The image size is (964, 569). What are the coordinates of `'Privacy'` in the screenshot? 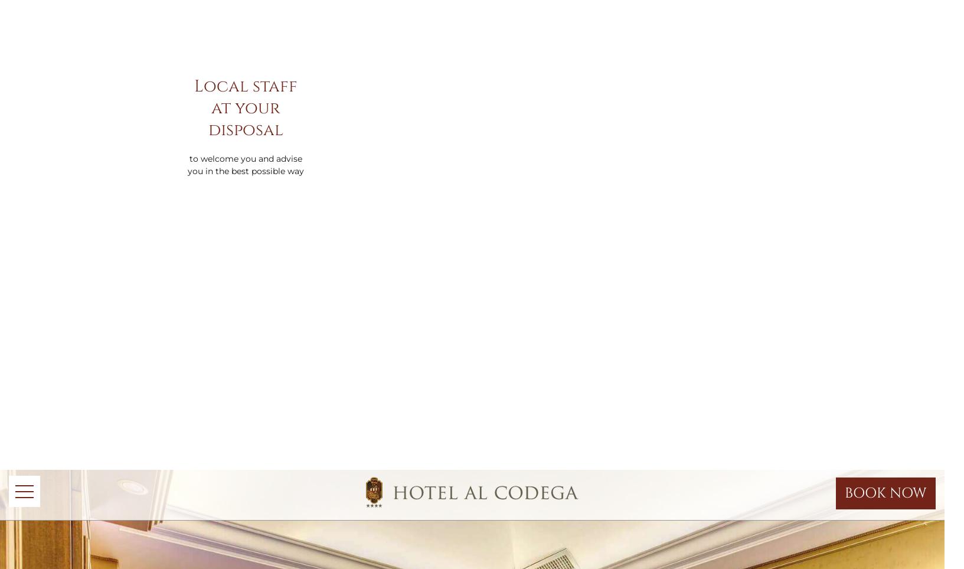 It's located at (721, 90).